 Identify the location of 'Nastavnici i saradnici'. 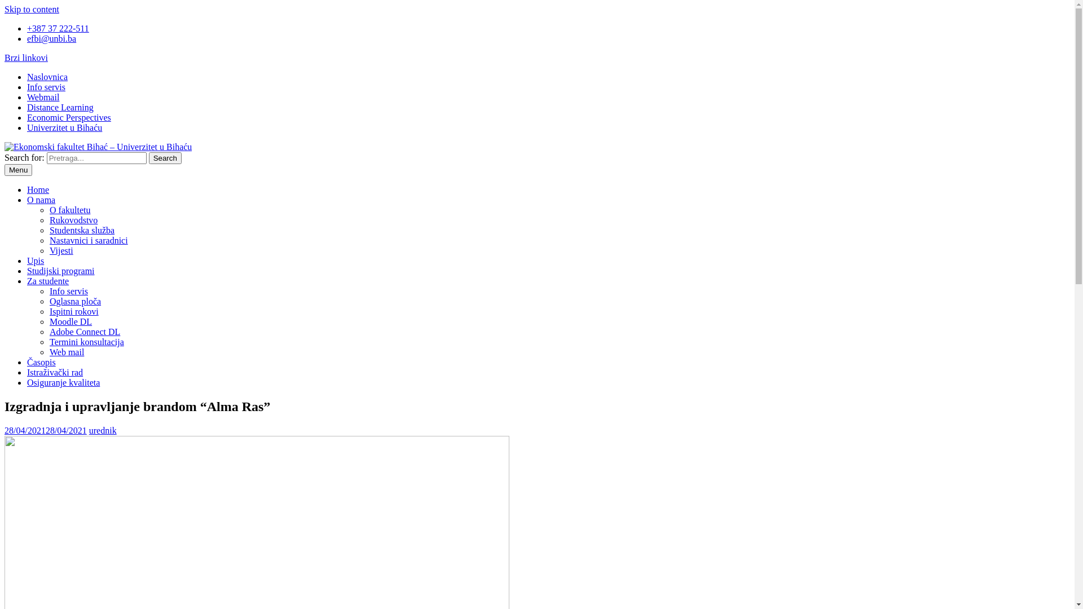
(88, 240).